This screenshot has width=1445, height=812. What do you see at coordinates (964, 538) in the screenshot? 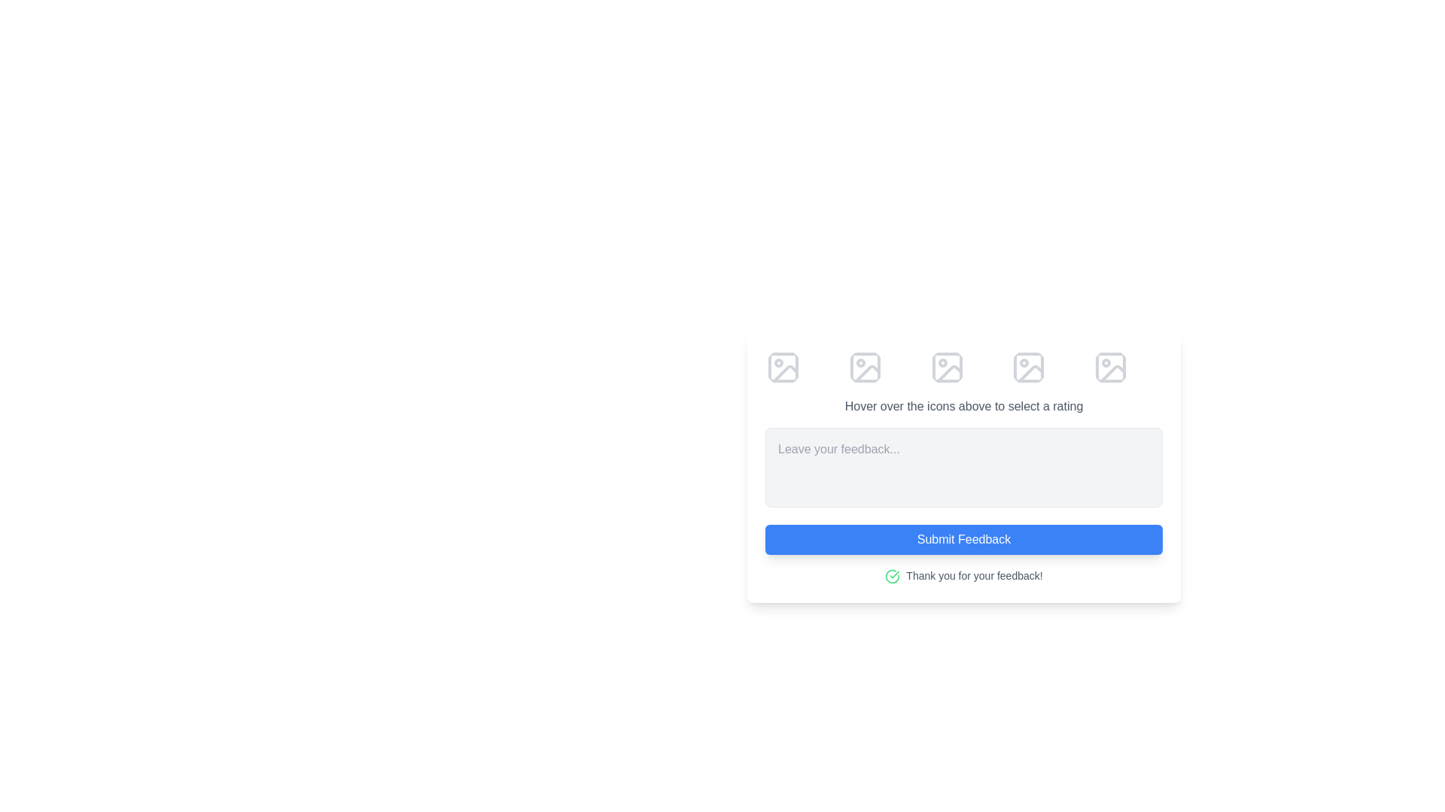
I see `the feedback submission button located below the 'Leave your feedback...' text area and above the 'Thank you for your feedback!' confirmation message` at bounding box center [964, 538].